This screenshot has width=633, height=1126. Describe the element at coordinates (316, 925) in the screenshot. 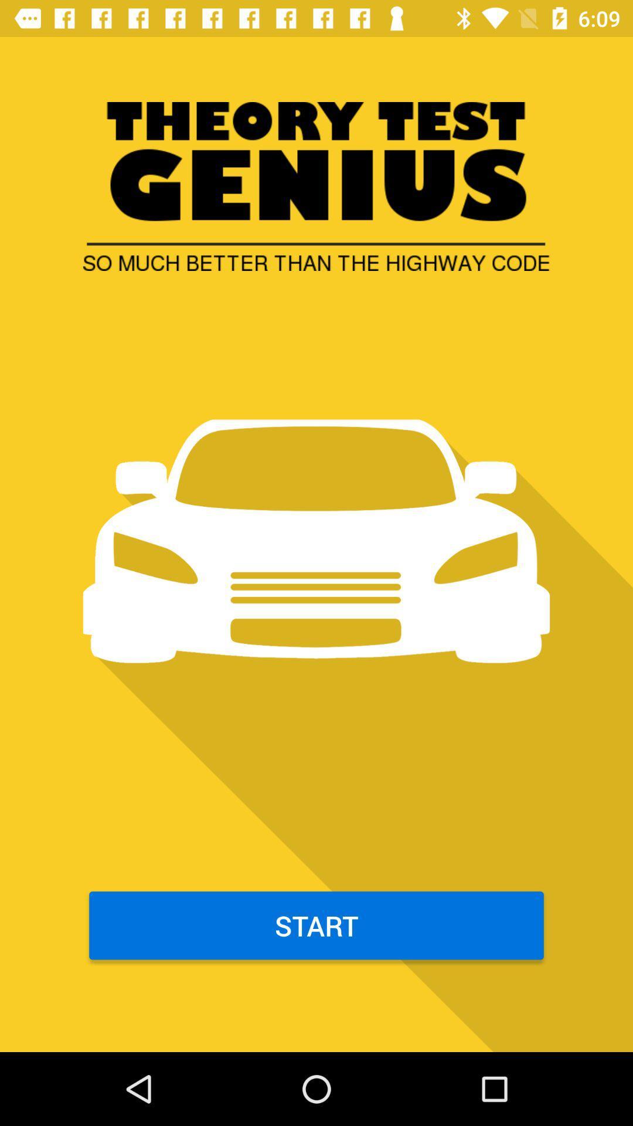

I see `the start` at that location.